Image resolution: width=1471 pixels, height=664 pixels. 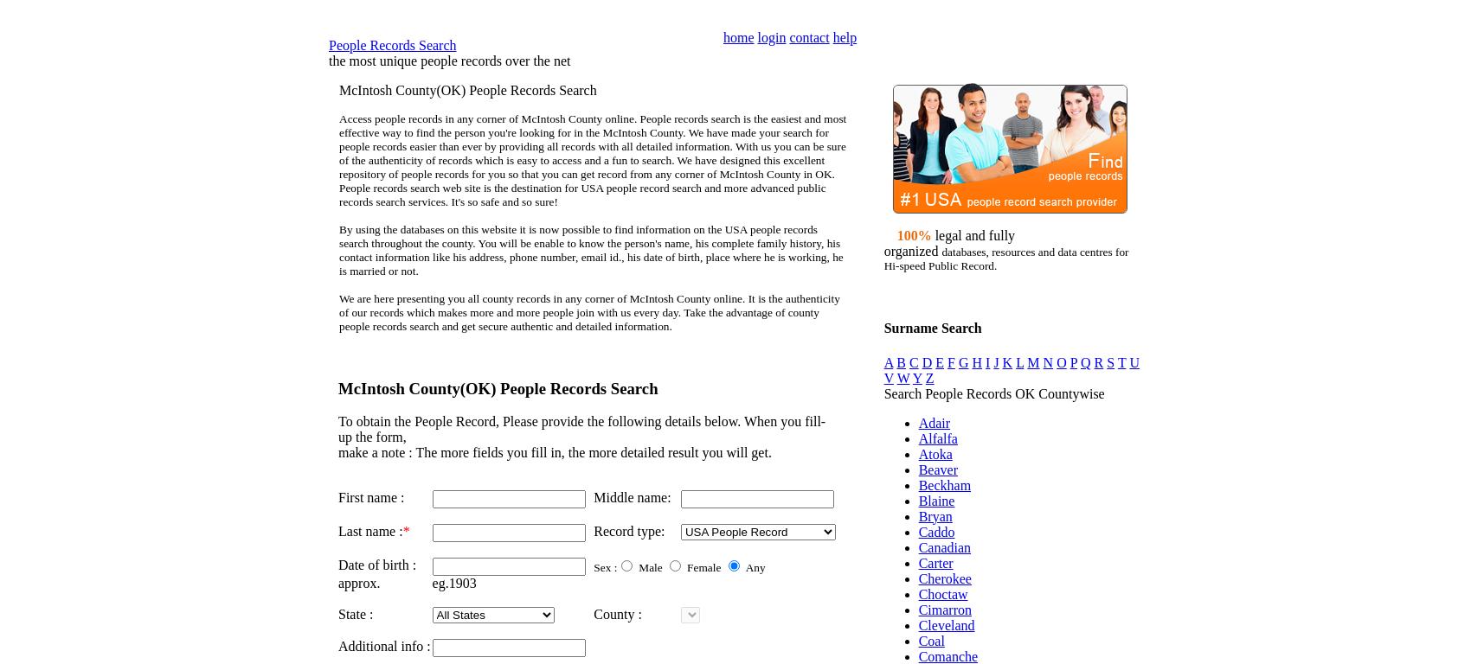 I want to click on 'Beckham', so click(x=916, y=484).